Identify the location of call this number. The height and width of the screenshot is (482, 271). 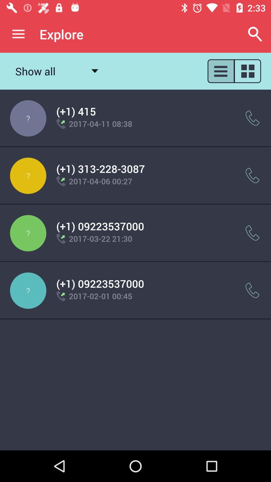
(252, 175).